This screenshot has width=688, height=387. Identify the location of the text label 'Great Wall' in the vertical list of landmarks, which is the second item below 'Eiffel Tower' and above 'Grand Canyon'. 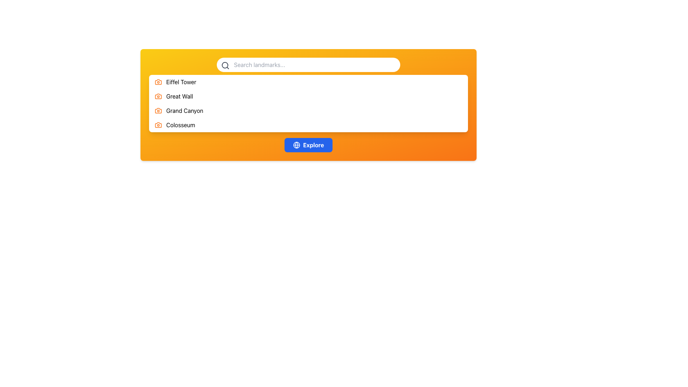
(180, 96).